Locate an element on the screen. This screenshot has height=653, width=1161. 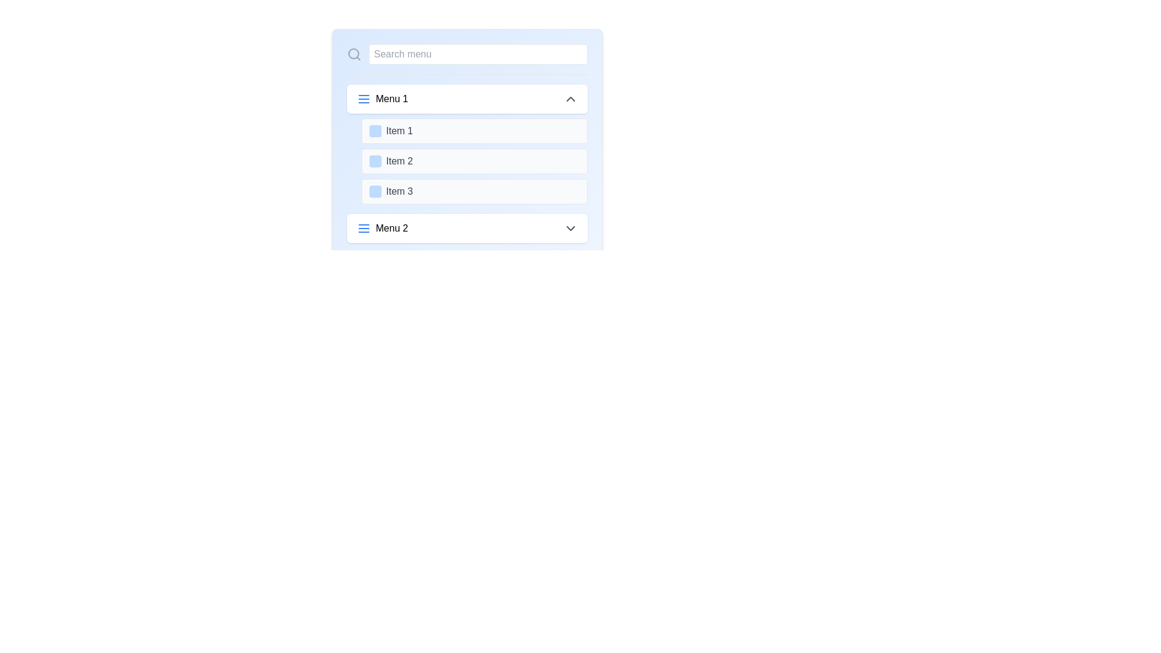
the indicator/icon associated with 'Item 1' in the dropdown of 'Menu 1', located on the leftmost side of the 'Item 1' row is located at coordinates (374, 131).